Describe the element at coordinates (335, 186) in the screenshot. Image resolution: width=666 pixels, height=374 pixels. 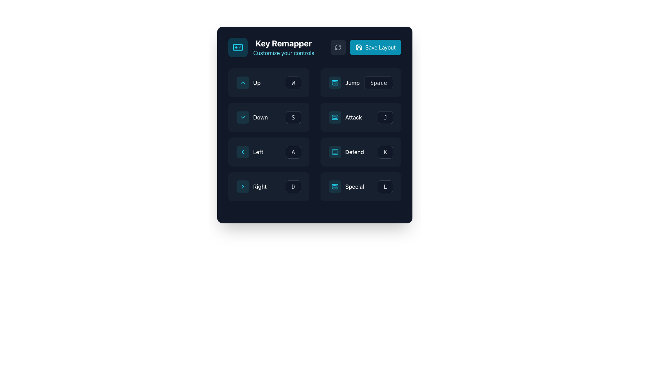
I see `the keyboard icon located in the bottom-right corner of the grid, which is inside a light cyan button labeled 'Special'` at that location.